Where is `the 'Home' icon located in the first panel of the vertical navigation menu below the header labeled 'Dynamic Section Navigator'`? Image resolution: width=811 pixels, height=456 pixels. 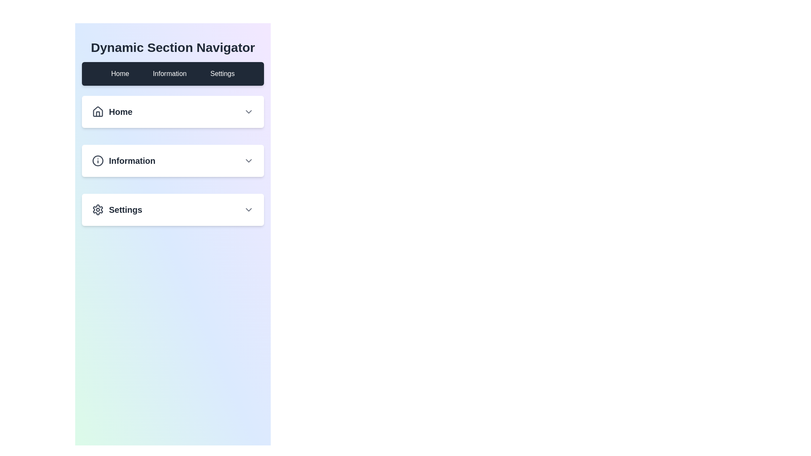 the 'Home' icon located in the first panel of the vertical navigation menu below the header labeled 'Dynamic Section Navigator' is located at coordinates (98, 111).